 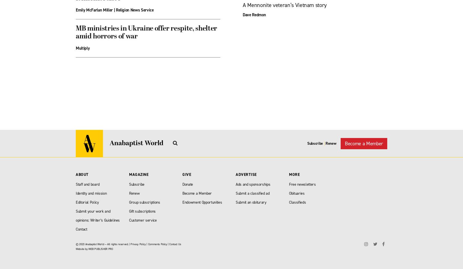 I want to click on 'Ads and sponsorships', so click(x=253, y=184).